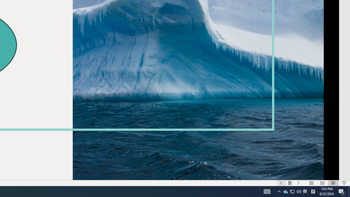  Describe the element at coordinates (298, 183) in the screenshot. I see `'Slide Show Next On'` at that location.